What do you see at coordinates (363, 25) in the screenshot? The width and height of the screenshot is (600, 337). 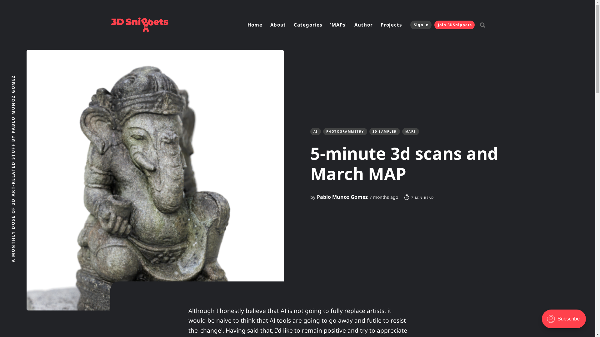 I see `'Author'` at bounding box center [363, 25].